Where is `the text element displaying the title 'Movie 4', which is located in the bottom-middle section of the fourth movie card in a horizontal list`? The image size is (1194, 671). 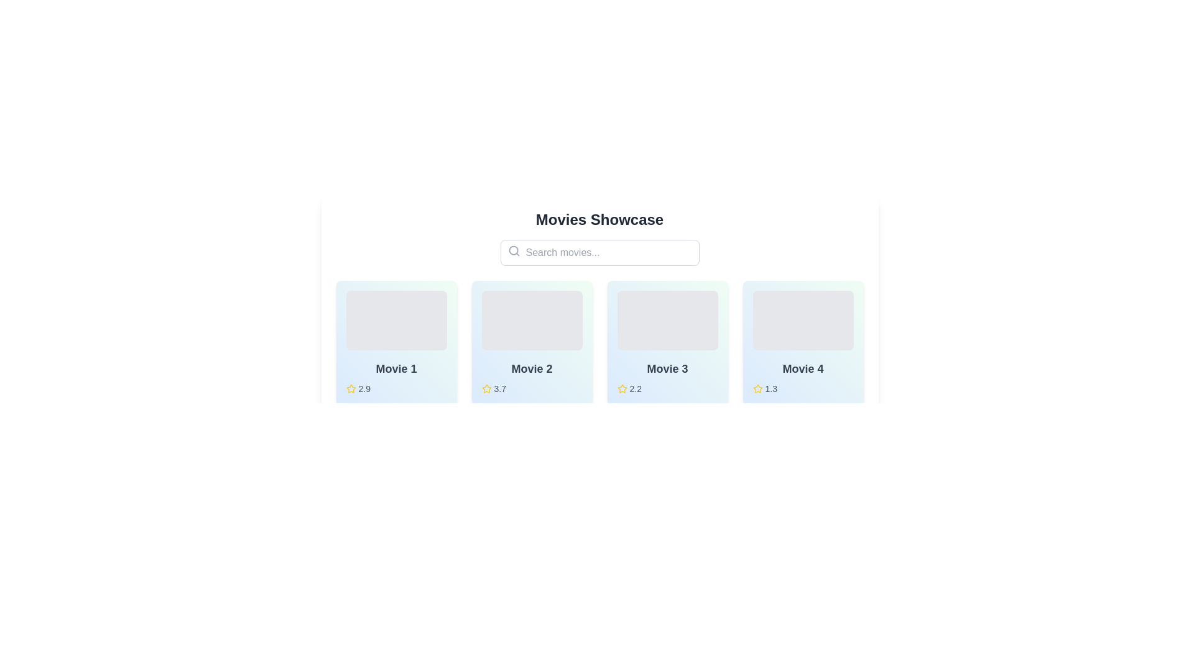 the text element displaying the title 'Movie 4', which is located in the bottom-middle section of the fourth movie card in a horizontal list is located at coordinates (803, 368).